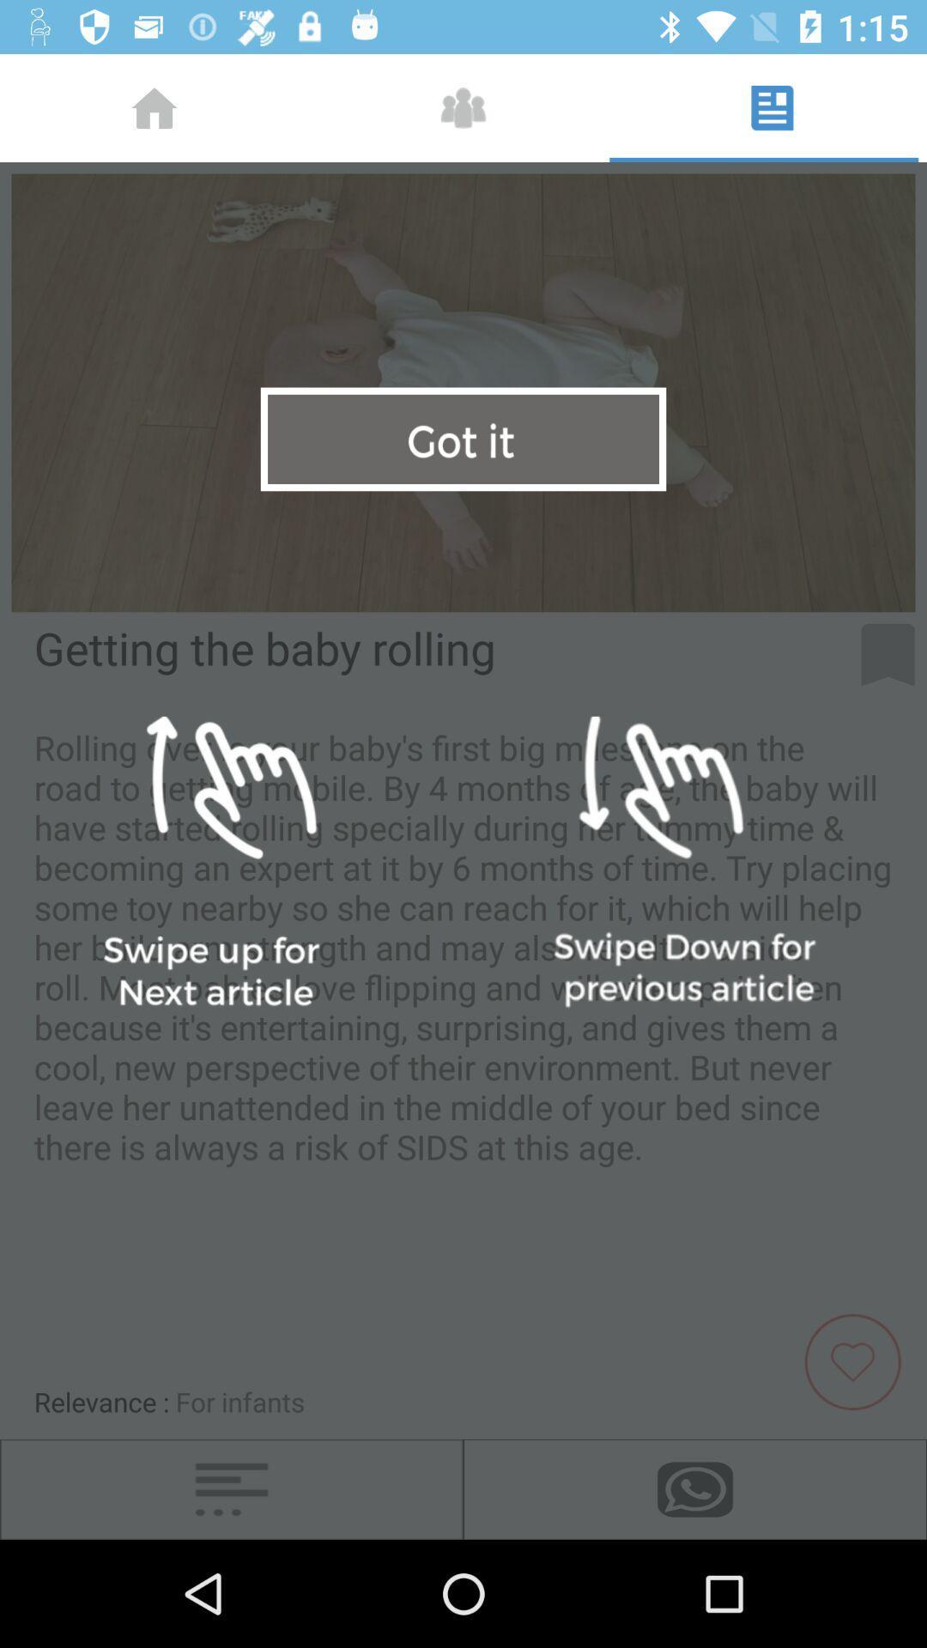 The height and width of the screenshot is (1648, 927). Describe the element at coordinates (888, 654) in the screenshot. I see `bookmark this article` at that location.